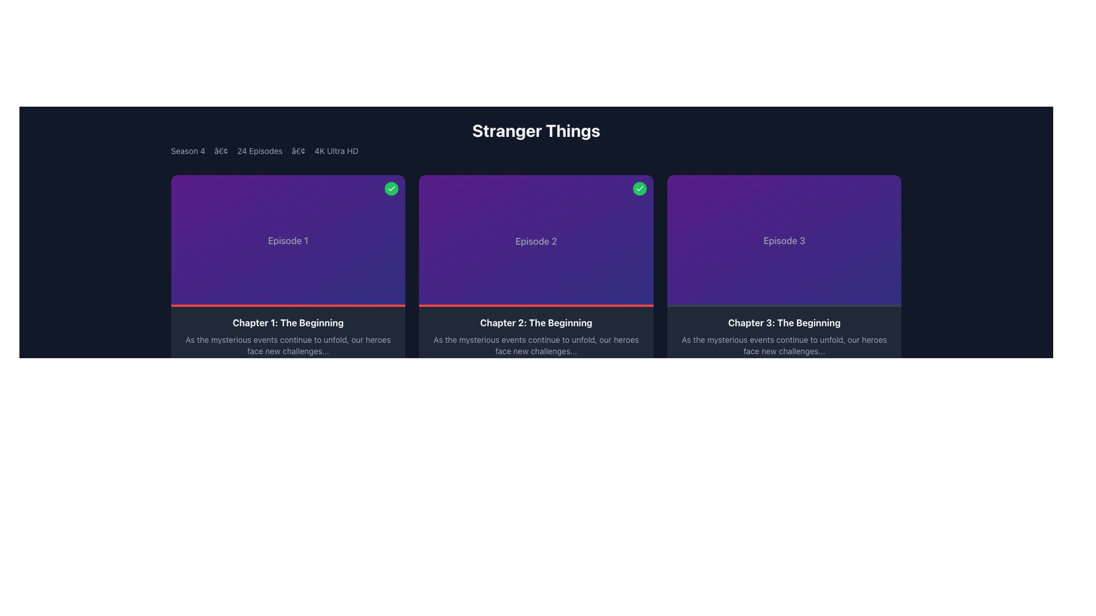  Describe the element at coordinates (784, 305) in the screenshot. I see `the progress bar at the bottom of the Episode 3 interface to interact with it if it is interactive` at that location.